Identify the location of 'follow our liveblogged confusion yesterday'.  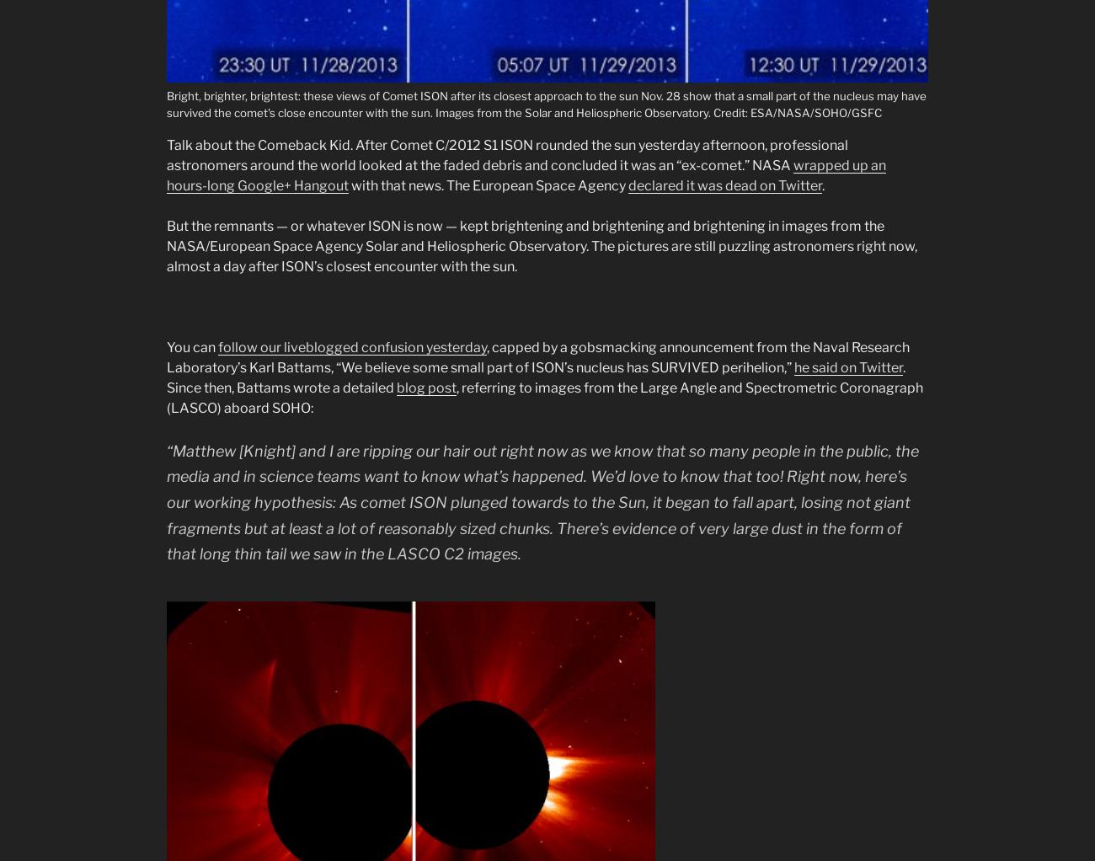
(352, 346).